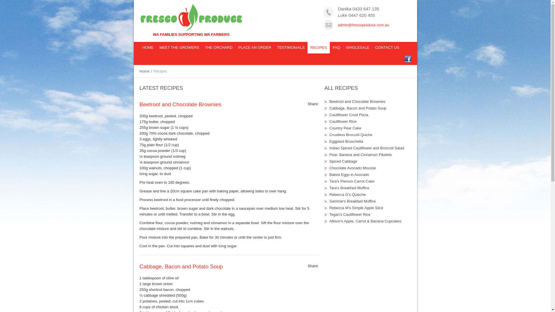 Image resolution: width=555 pixels, height=312 pixels. Describe the element at coordinates (348, 115) in the screenshot. I see `'Cauliflower Crust Pizza'` at that location.